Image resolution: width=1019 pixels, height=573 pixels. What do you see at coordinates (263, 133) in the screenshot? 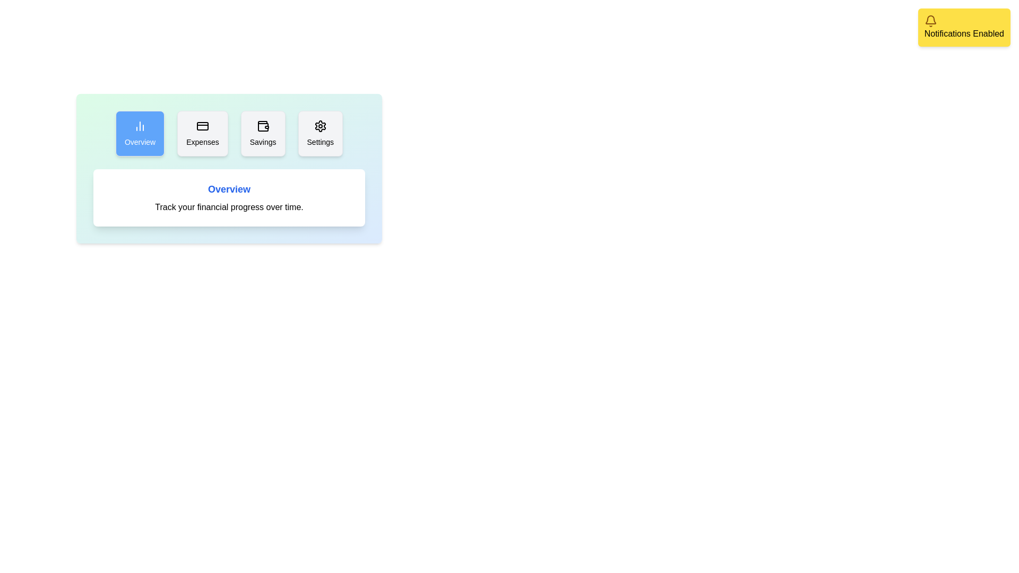
I see `the tab Savings by clicking on it` at bounding box center [263, 133].